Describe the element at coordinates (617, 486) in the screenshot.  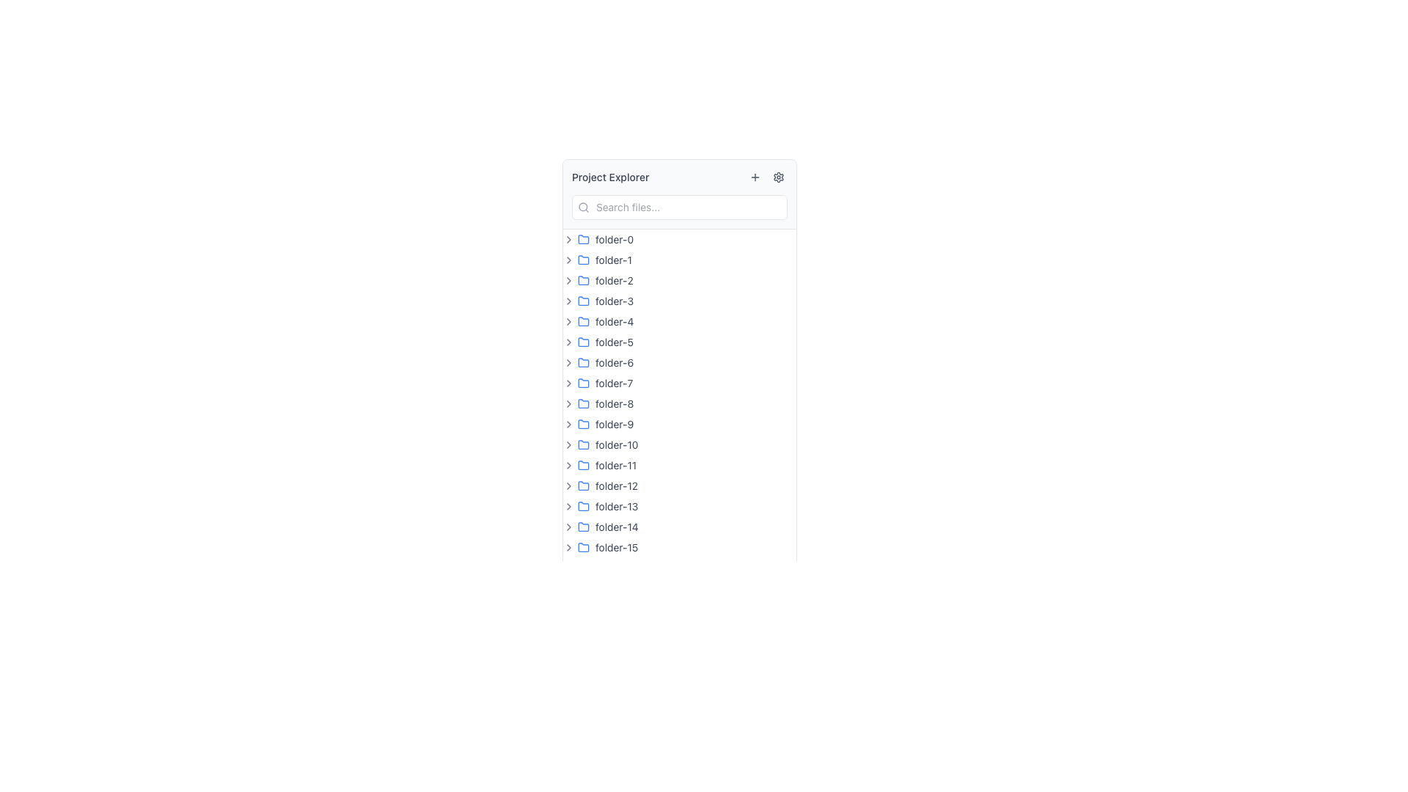
I see `the static text label displaying 'folder-12' in gray color, part of a list of folders in the file explorer interface` at that location.